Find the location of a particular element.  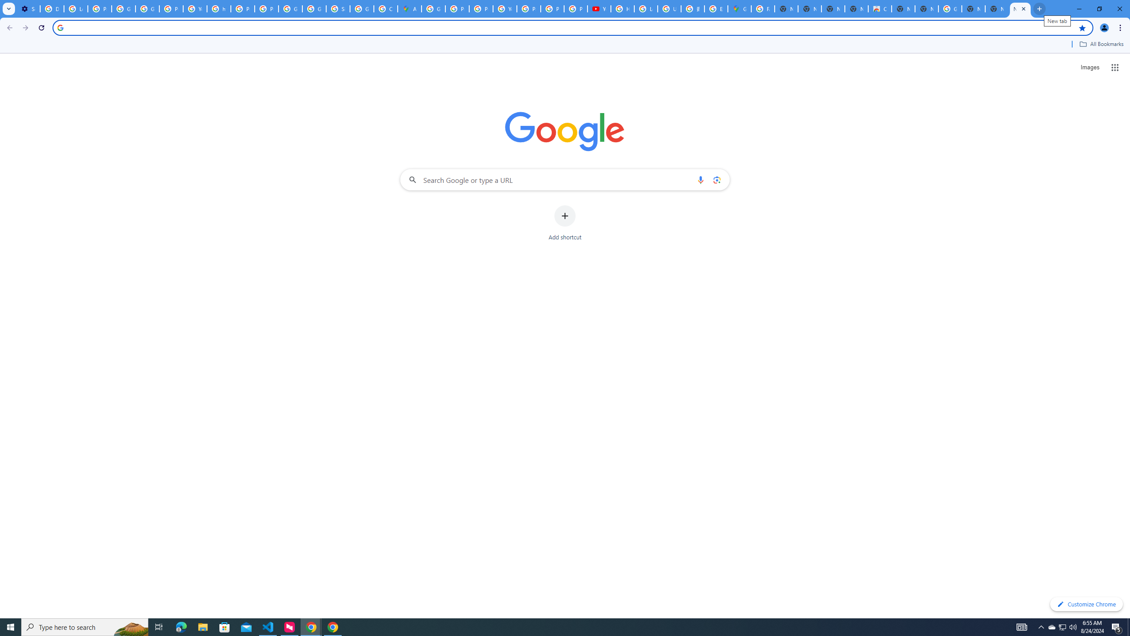

'Address and search bar' is located at coordinates (571, 27).